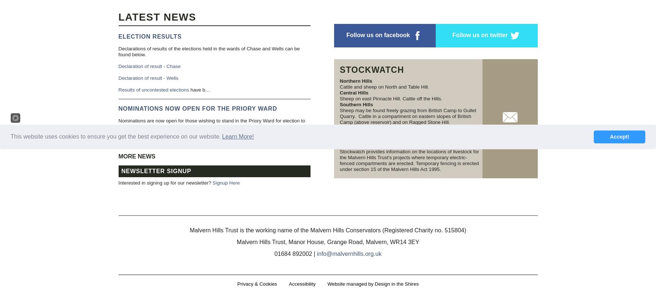 Image resolution: width=656 pixels, height=293 pixels. I want to click on 'Cattle and sheep on North and Table Hill.', so click(385, 86).